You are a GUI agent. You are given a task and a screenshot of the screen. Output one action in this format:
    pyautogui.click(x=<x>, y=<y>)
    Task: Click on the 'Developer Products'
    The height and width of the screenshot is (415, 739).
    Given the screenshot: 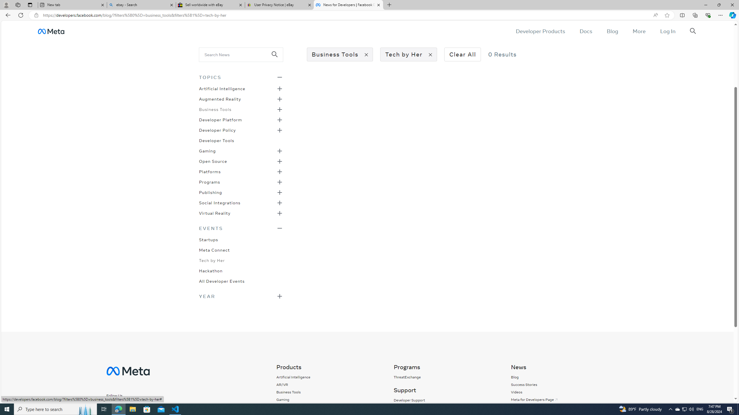 What is the action you would take?
    pyautogui.click(x=540, y=31)
    